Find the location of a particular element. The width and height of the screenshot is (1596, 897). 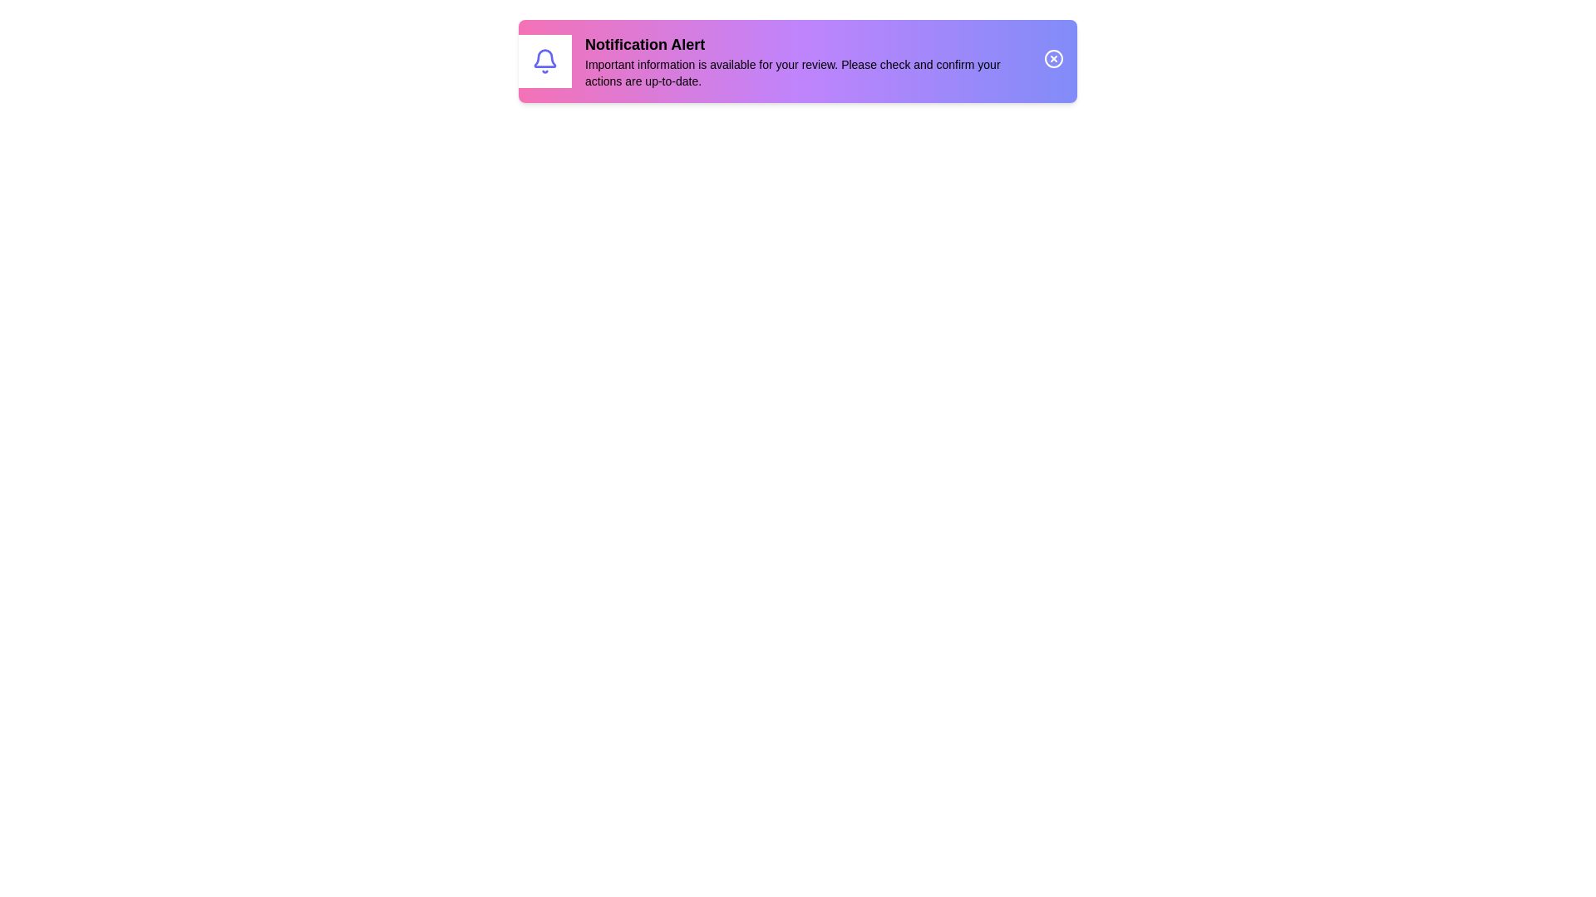

the notification area to observe hover effects is located at coordinates (798, 60).